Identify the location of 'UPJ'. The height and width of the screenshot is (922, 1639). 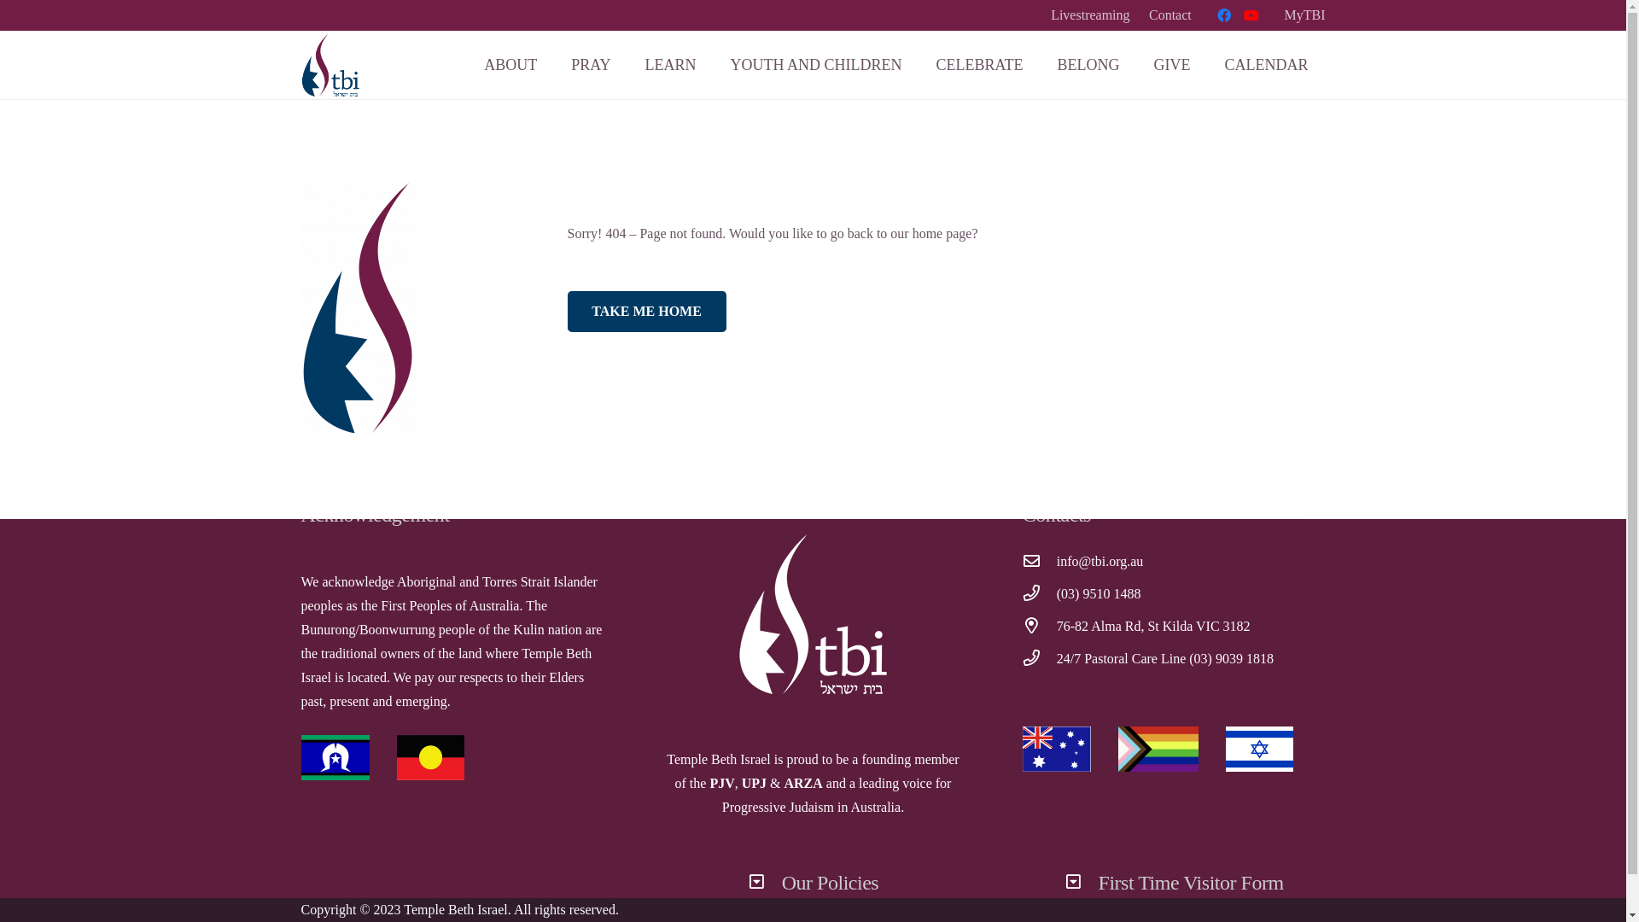
(753, 783).